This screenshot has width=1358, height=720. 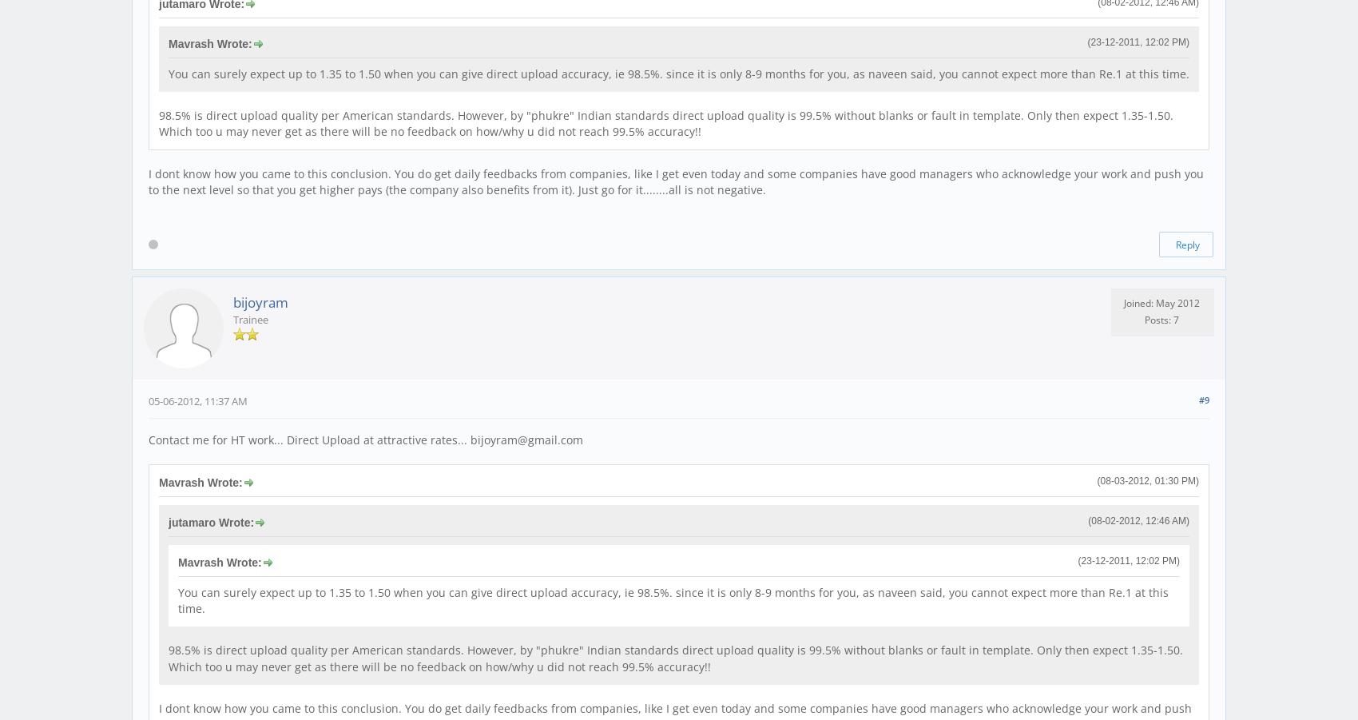 I want to click on 'Trainee', so click(x=250, y=317).